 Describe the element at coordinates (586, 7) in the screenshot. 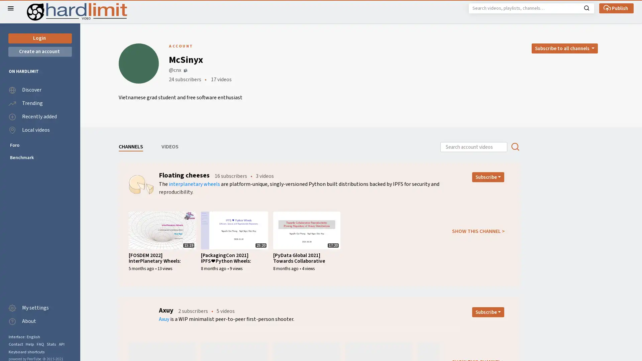

I see `Search` at that location.